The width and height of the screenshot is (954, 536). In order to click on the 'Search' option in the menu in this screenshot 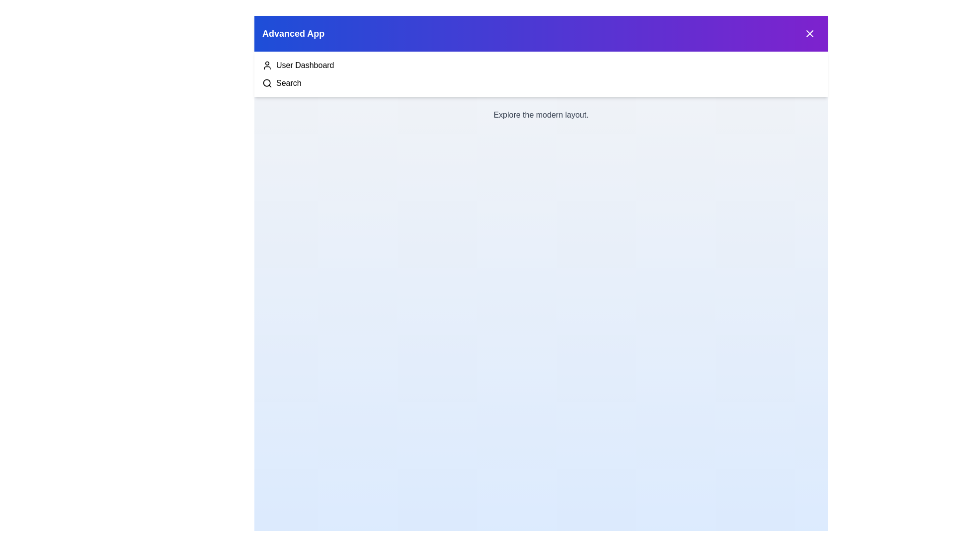, I will do `click(288, 83)`.